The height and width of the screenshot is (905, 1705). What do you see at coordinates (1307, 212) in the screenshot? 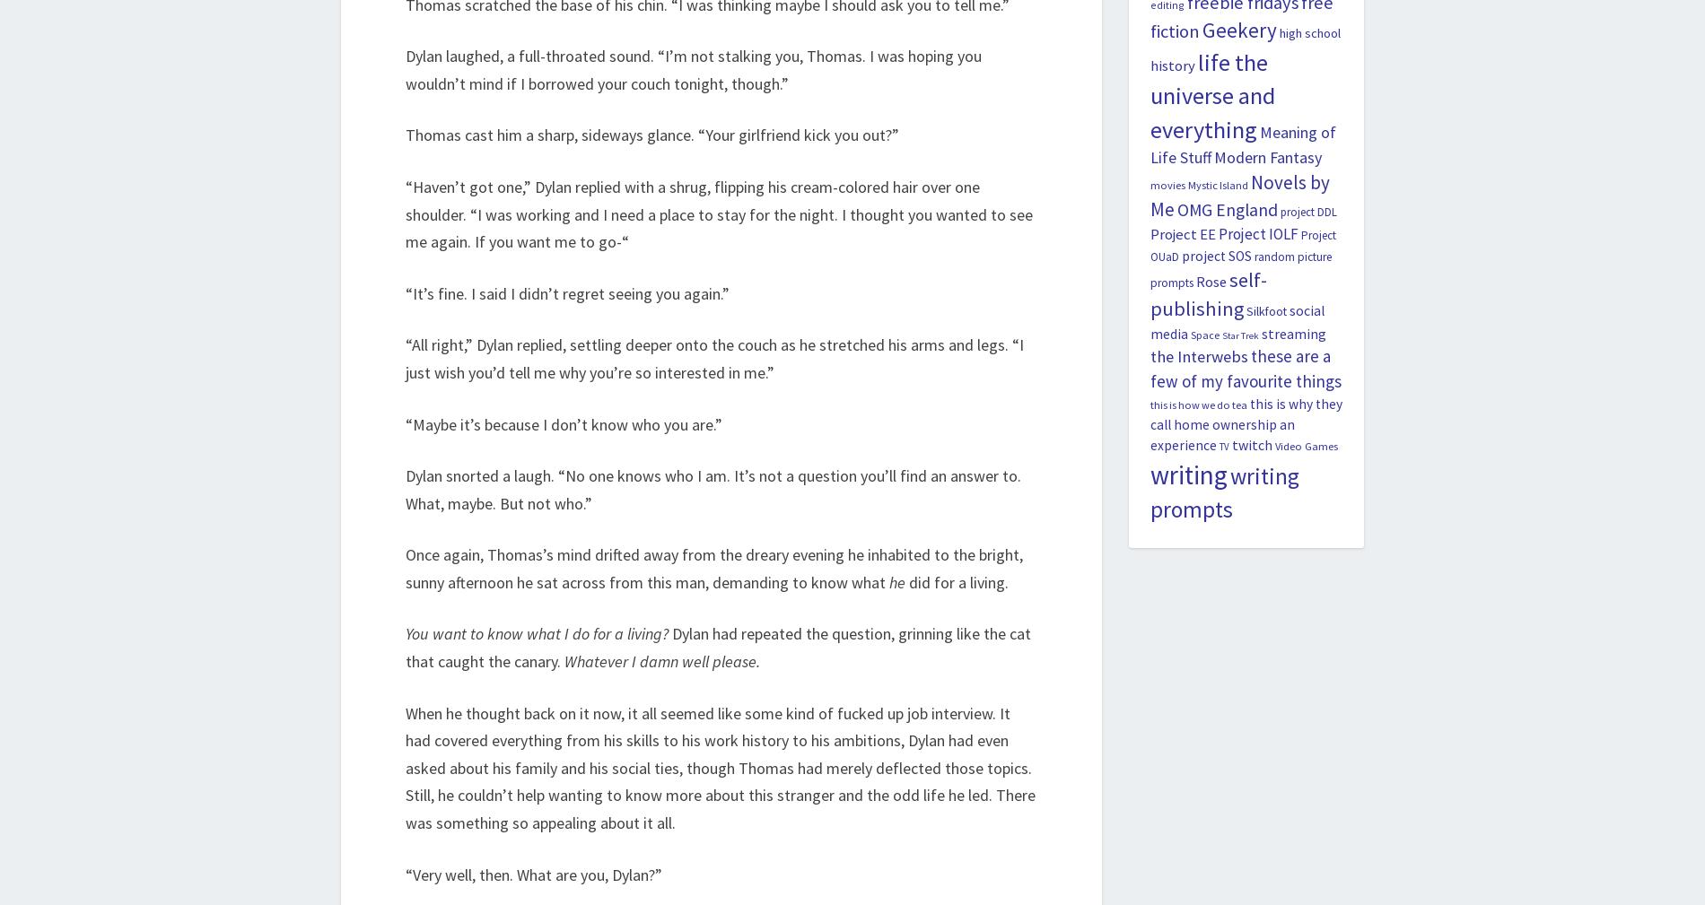
I see `'project DDL'` at bounding box center [1307, 212].